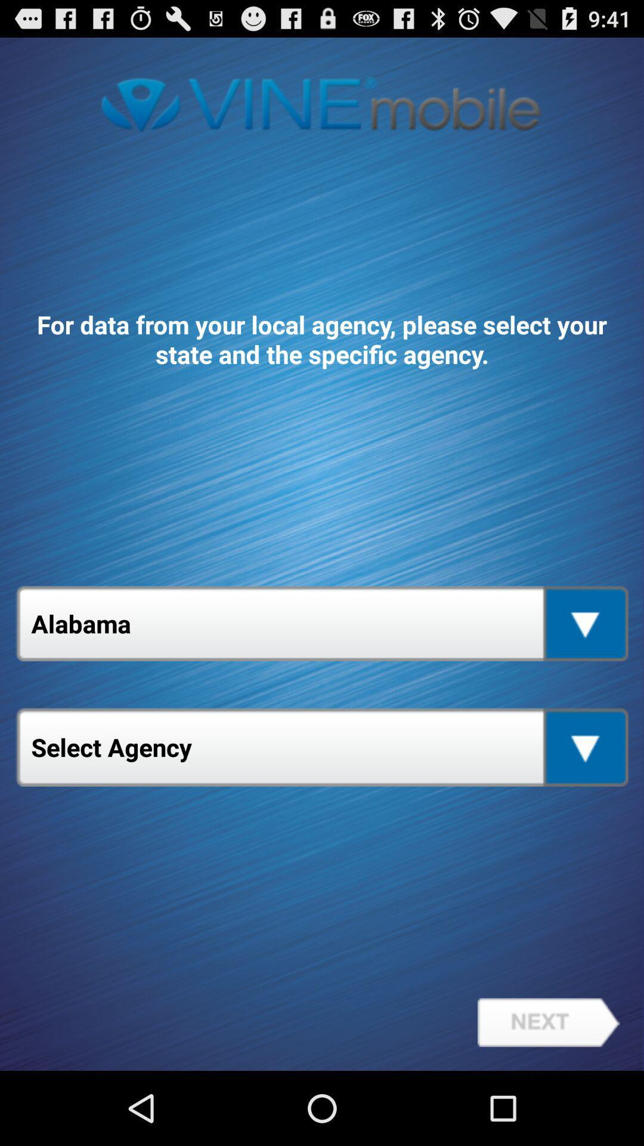  I want to click on the alabama item, so click(322, 623).